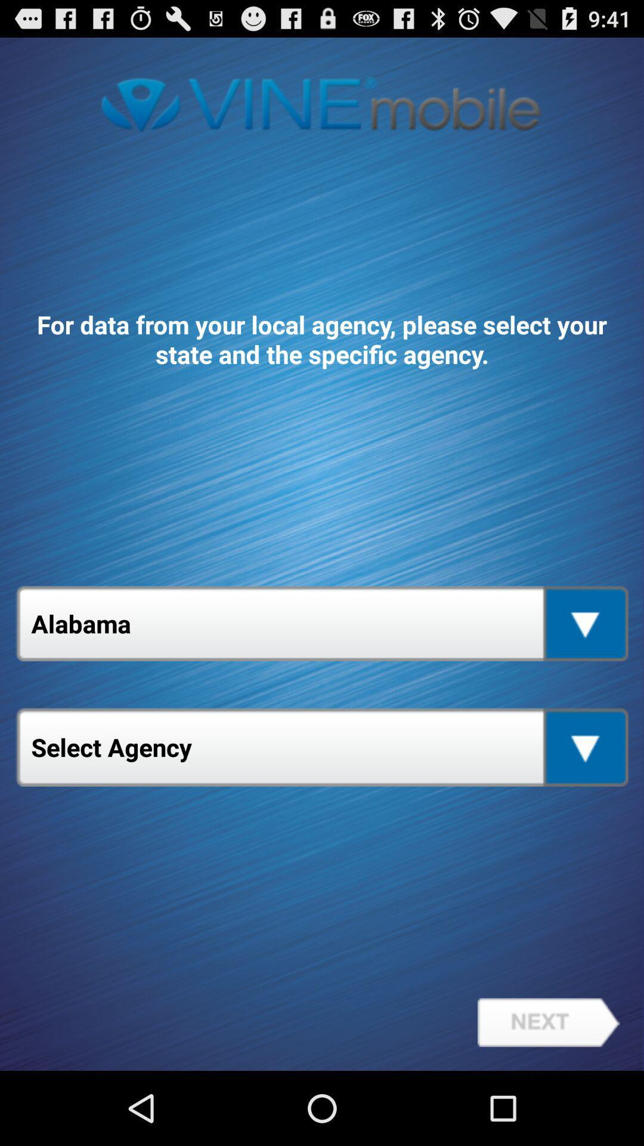  I want to click on the alabama item, so click(322, 623).